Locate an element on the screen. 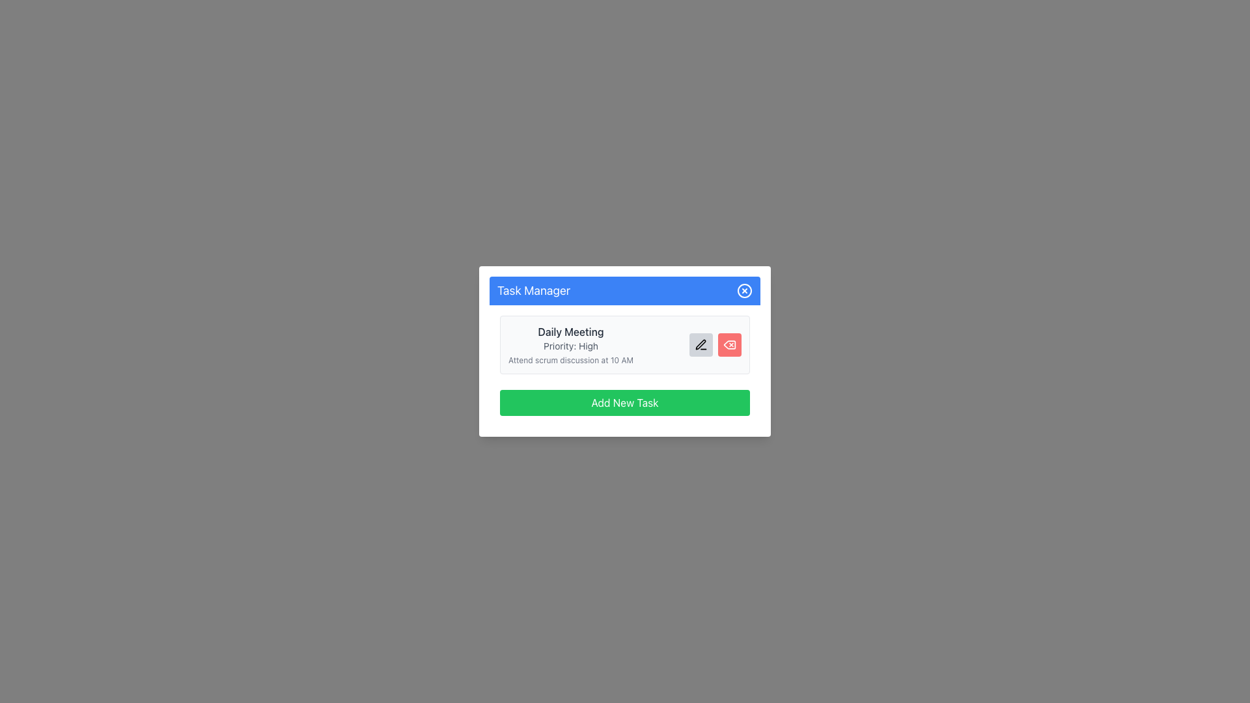 This screenshot has width=1250, height=703. the editing icon located on the right side of the task box, next to the red crossed-out eye button is located at coordinates (700, 344).